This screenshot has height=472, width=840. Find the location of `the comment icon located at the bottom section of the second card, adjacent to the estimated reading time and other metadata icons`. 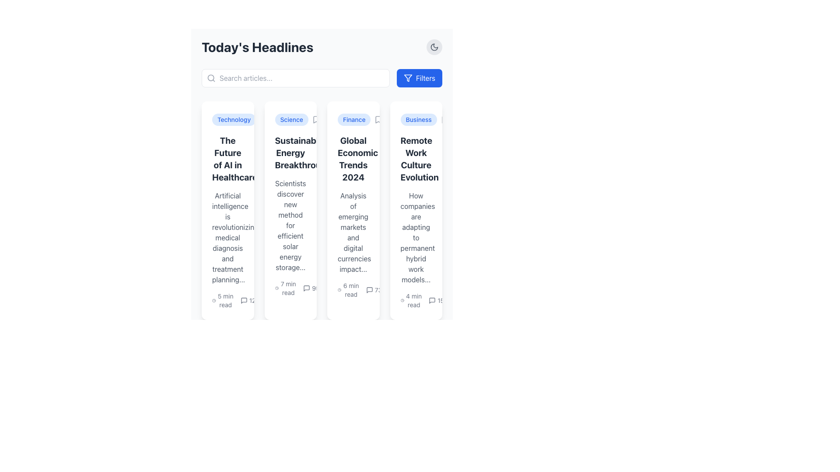

the comment icon located at the bottom section of the second card, adjacent to the estimated reading time and other metadata icons is located at coordinates (307, 288).